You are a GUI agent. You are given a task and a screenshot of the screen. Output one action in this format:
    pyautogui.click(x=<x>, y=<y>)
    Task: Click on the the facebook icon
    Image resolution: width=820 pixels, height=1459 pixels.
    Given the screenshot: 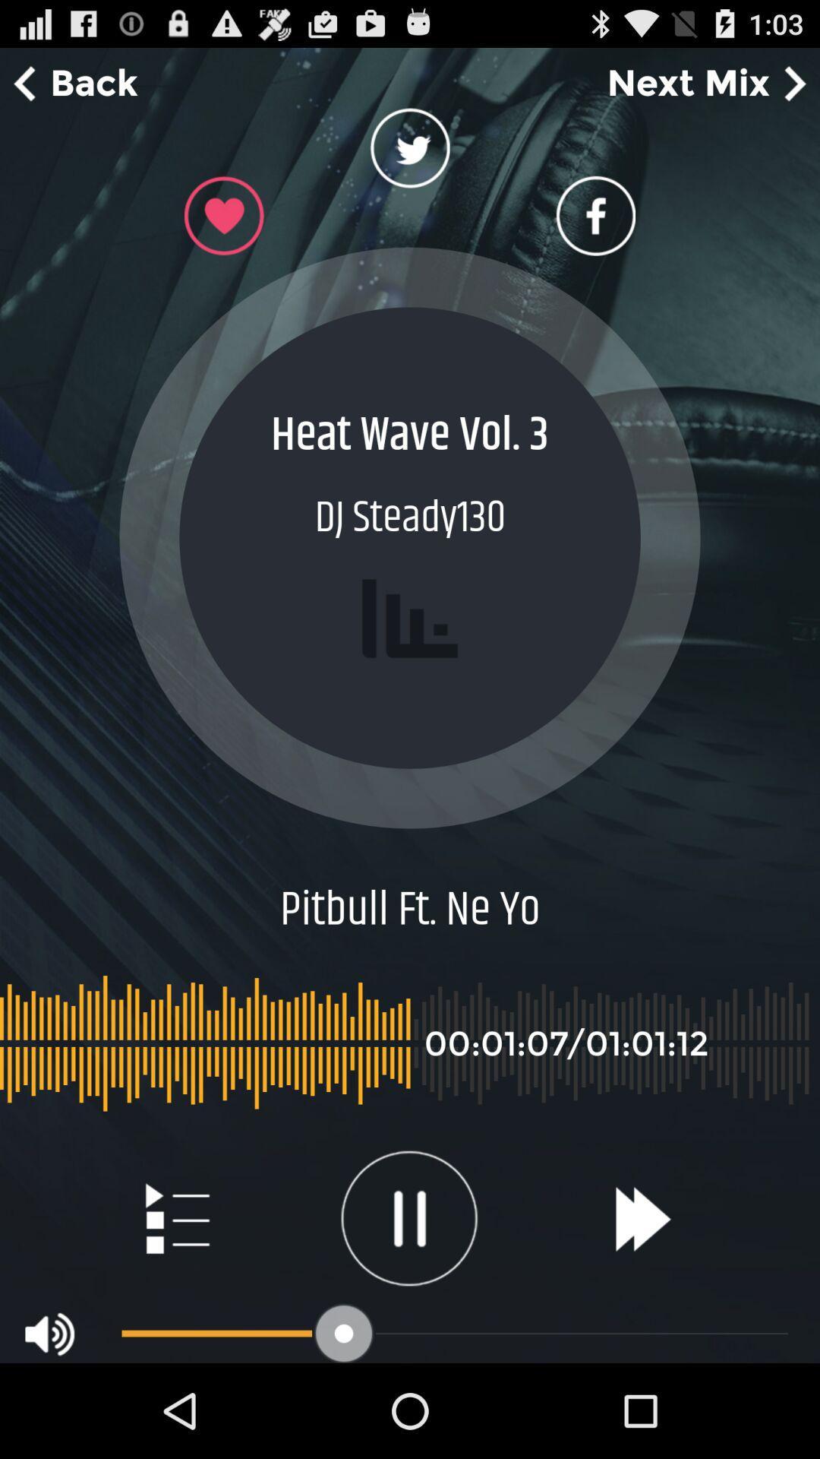 What is the action you would take?
    pyautogui.click(x=594, y=230)
    